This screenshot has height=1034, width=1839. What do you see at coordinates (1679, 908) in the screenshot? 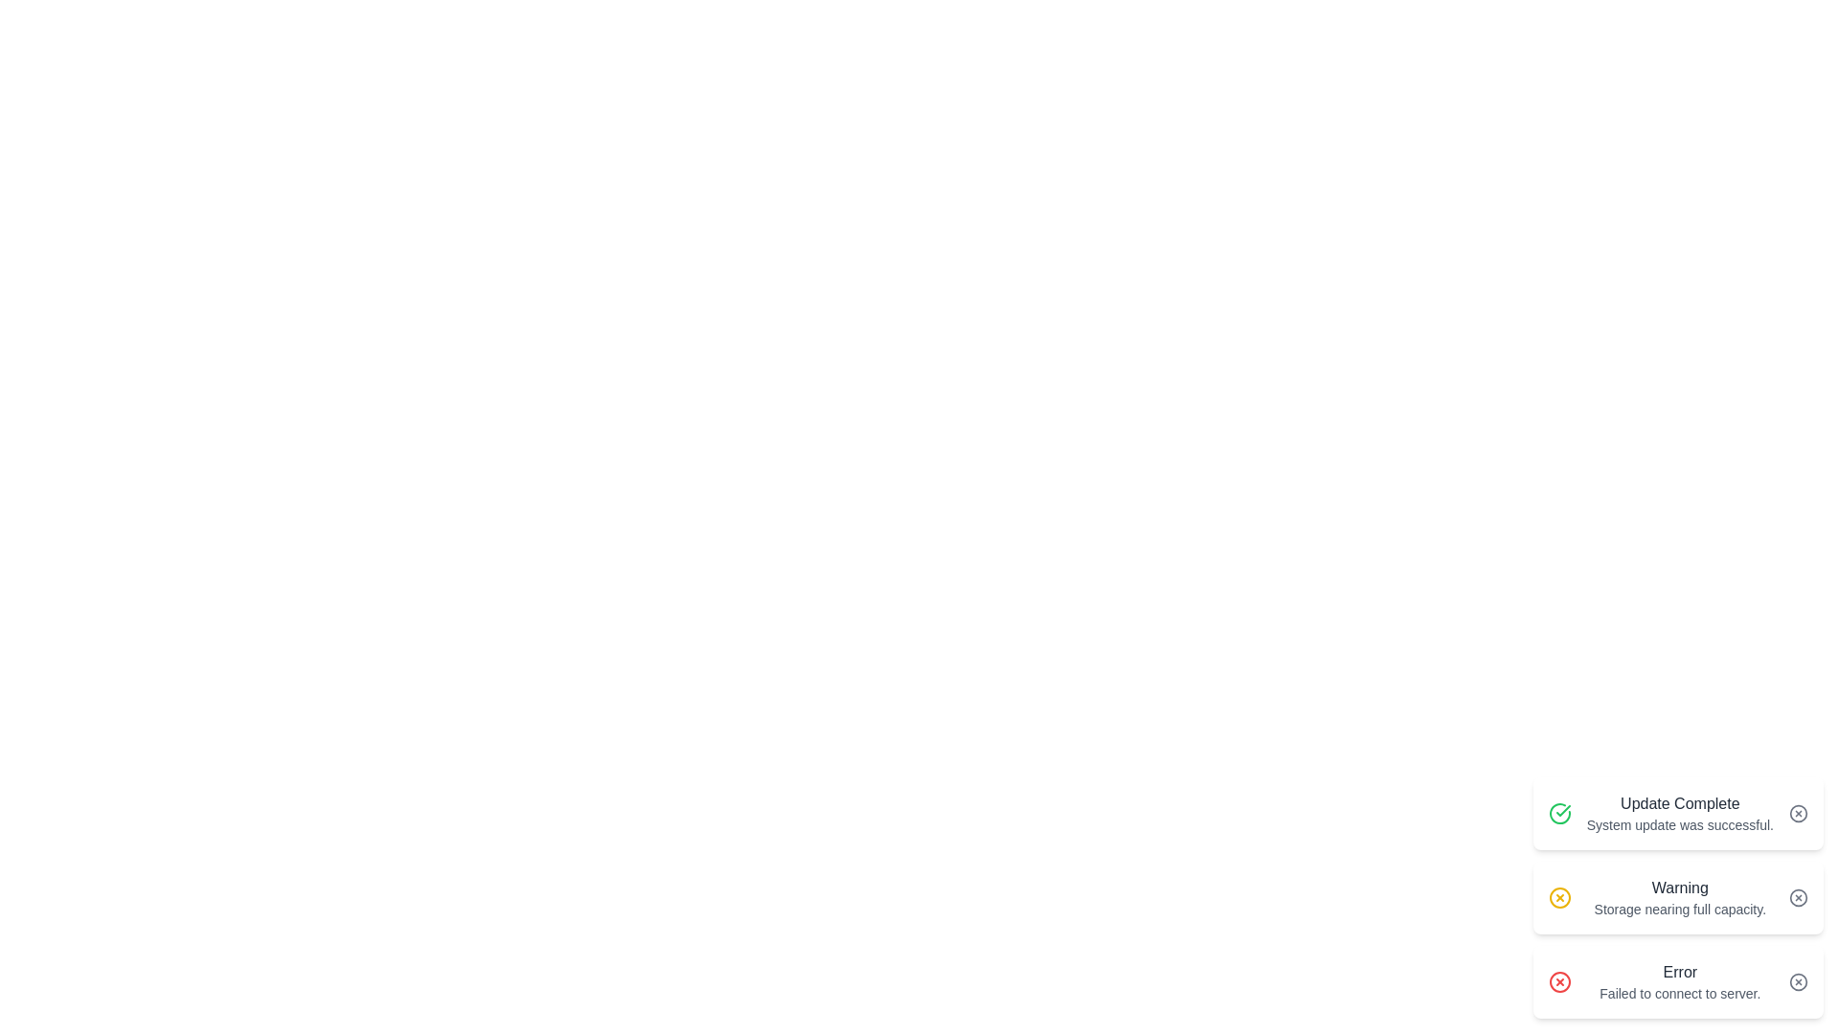
I see `text label that indicates 'Storage nearing full capacity.' positioned below the bold 'Warning' text in the alert interface` at bounding box center [1679, 908].